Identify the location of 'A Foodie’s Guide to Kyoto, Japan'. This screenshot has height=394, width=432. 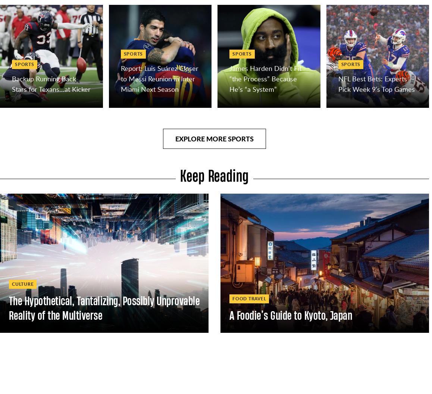
(291, 315).